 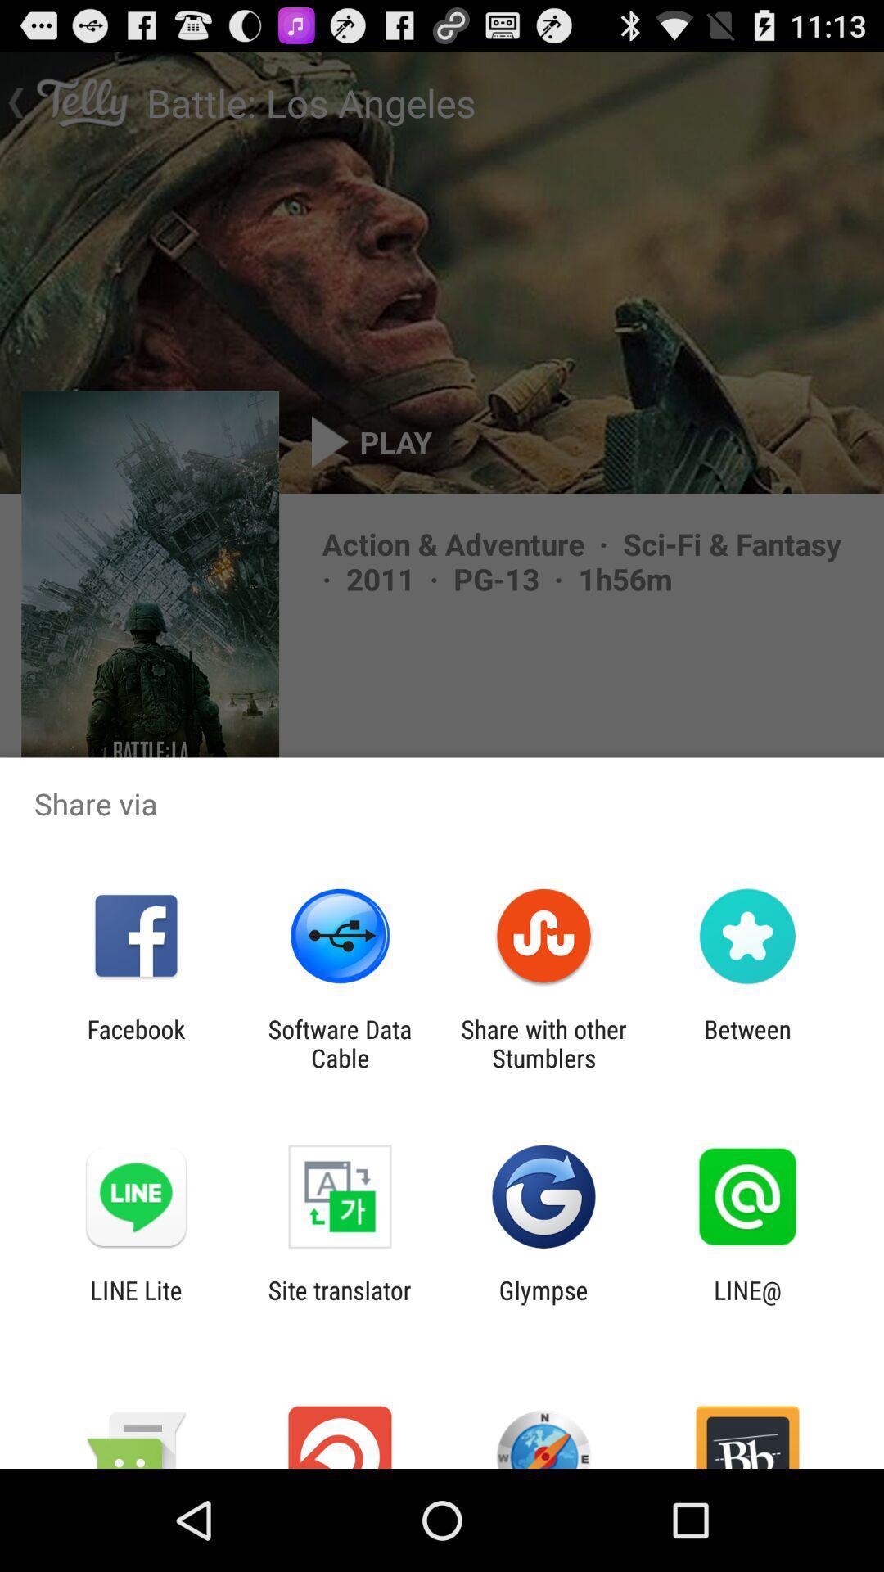 What do you see at coordinates (339, 1043) in the screenshot?
I see `item next to share with other` at bounding box center [339, 1043].